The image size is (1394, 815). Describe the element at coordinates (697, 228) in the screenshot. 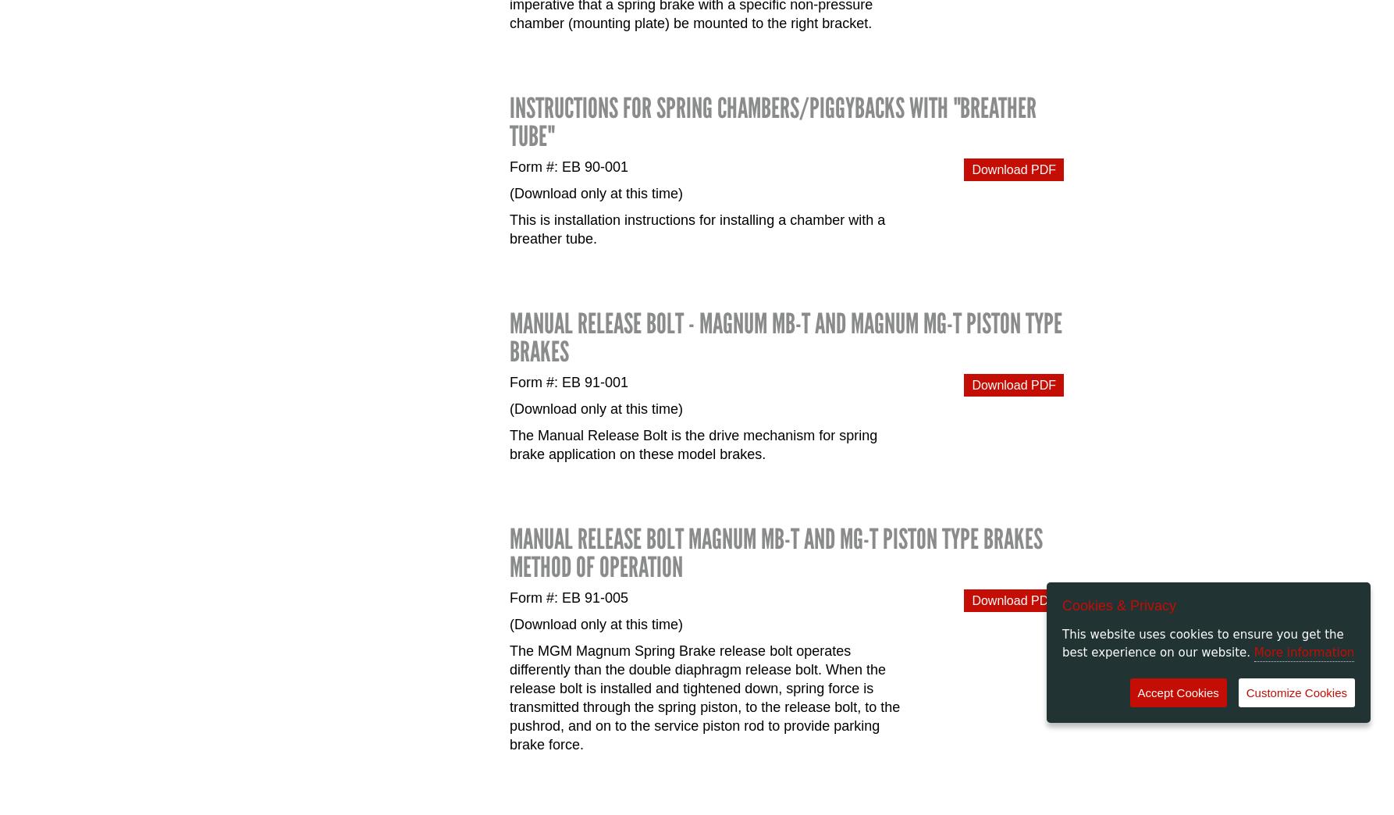

I see `'This is installation instructions for installing a chamber with a breather tube.'` at that location.